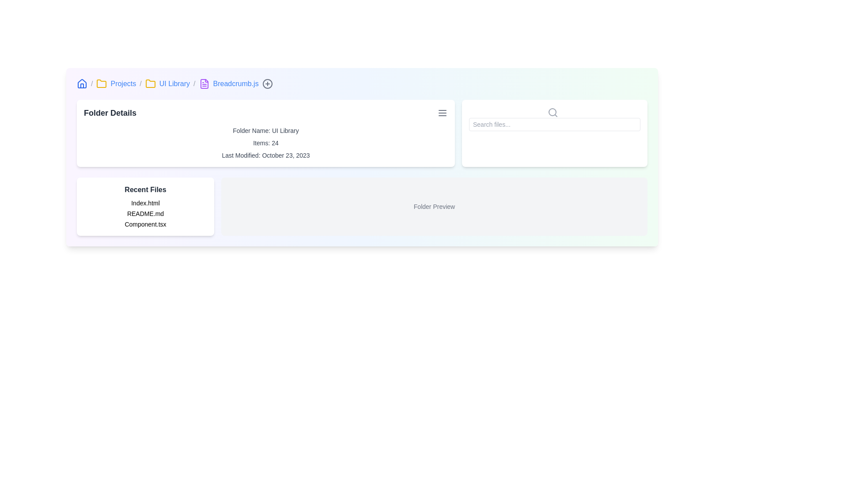 The image size is (848, 477). What do you see at coordinates (174, 83) in the screenshot?
I see `the 'UI Library' breadcrumb link` at bounding box center [174, 83].